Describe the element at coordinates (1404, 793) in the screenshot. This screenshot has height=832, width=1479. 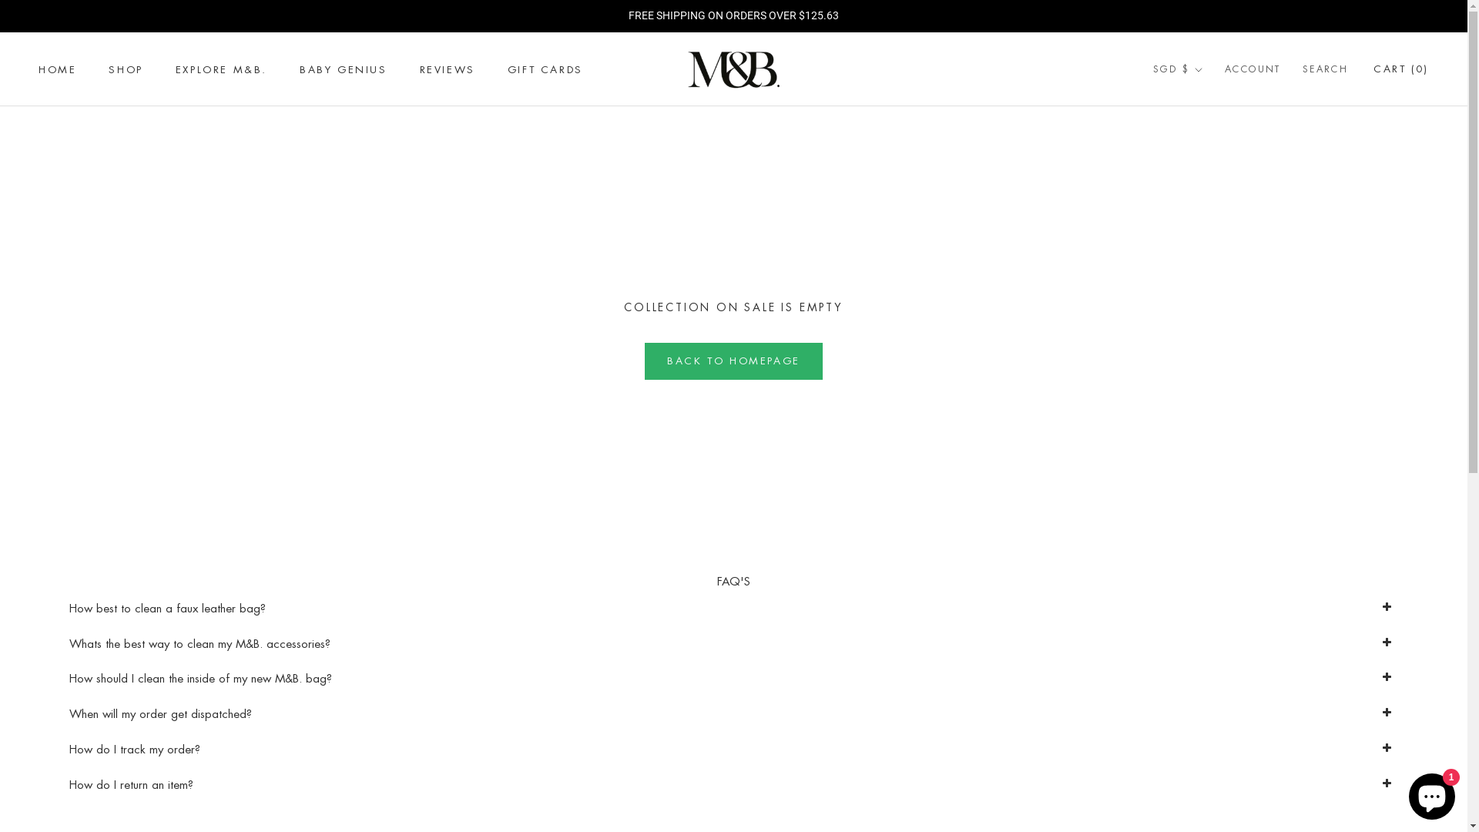
I see `'Shopify online store chat'` at that location.